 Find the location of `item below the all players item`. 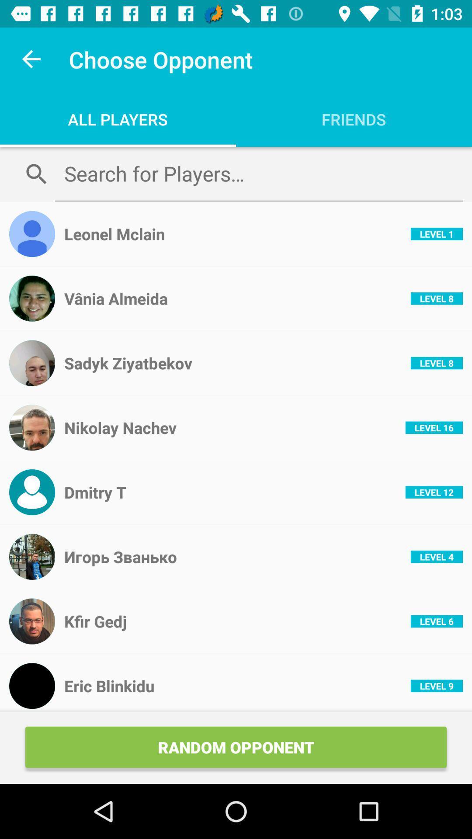

item below the all players item is located at coordinates (258, 173).